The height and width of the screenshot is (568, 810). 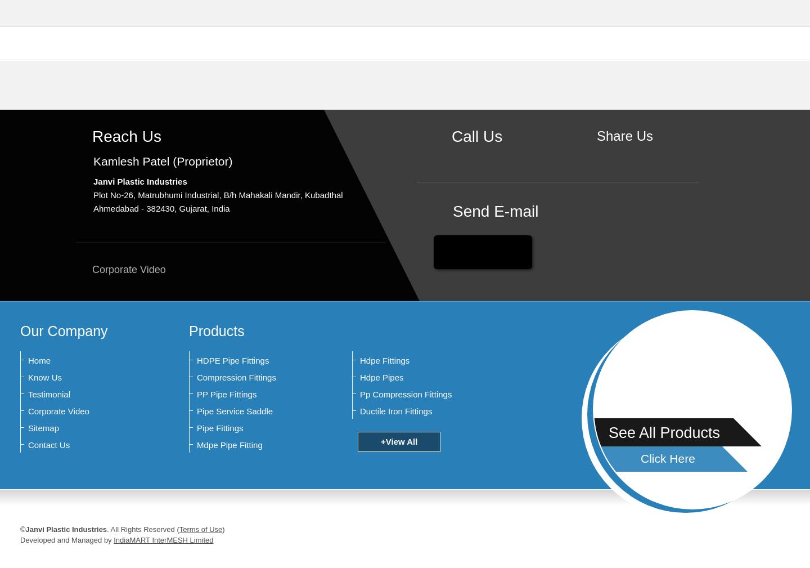 I want to click on 'Kamlesh Patel (Proprietor)', so click(x=162, y=160).